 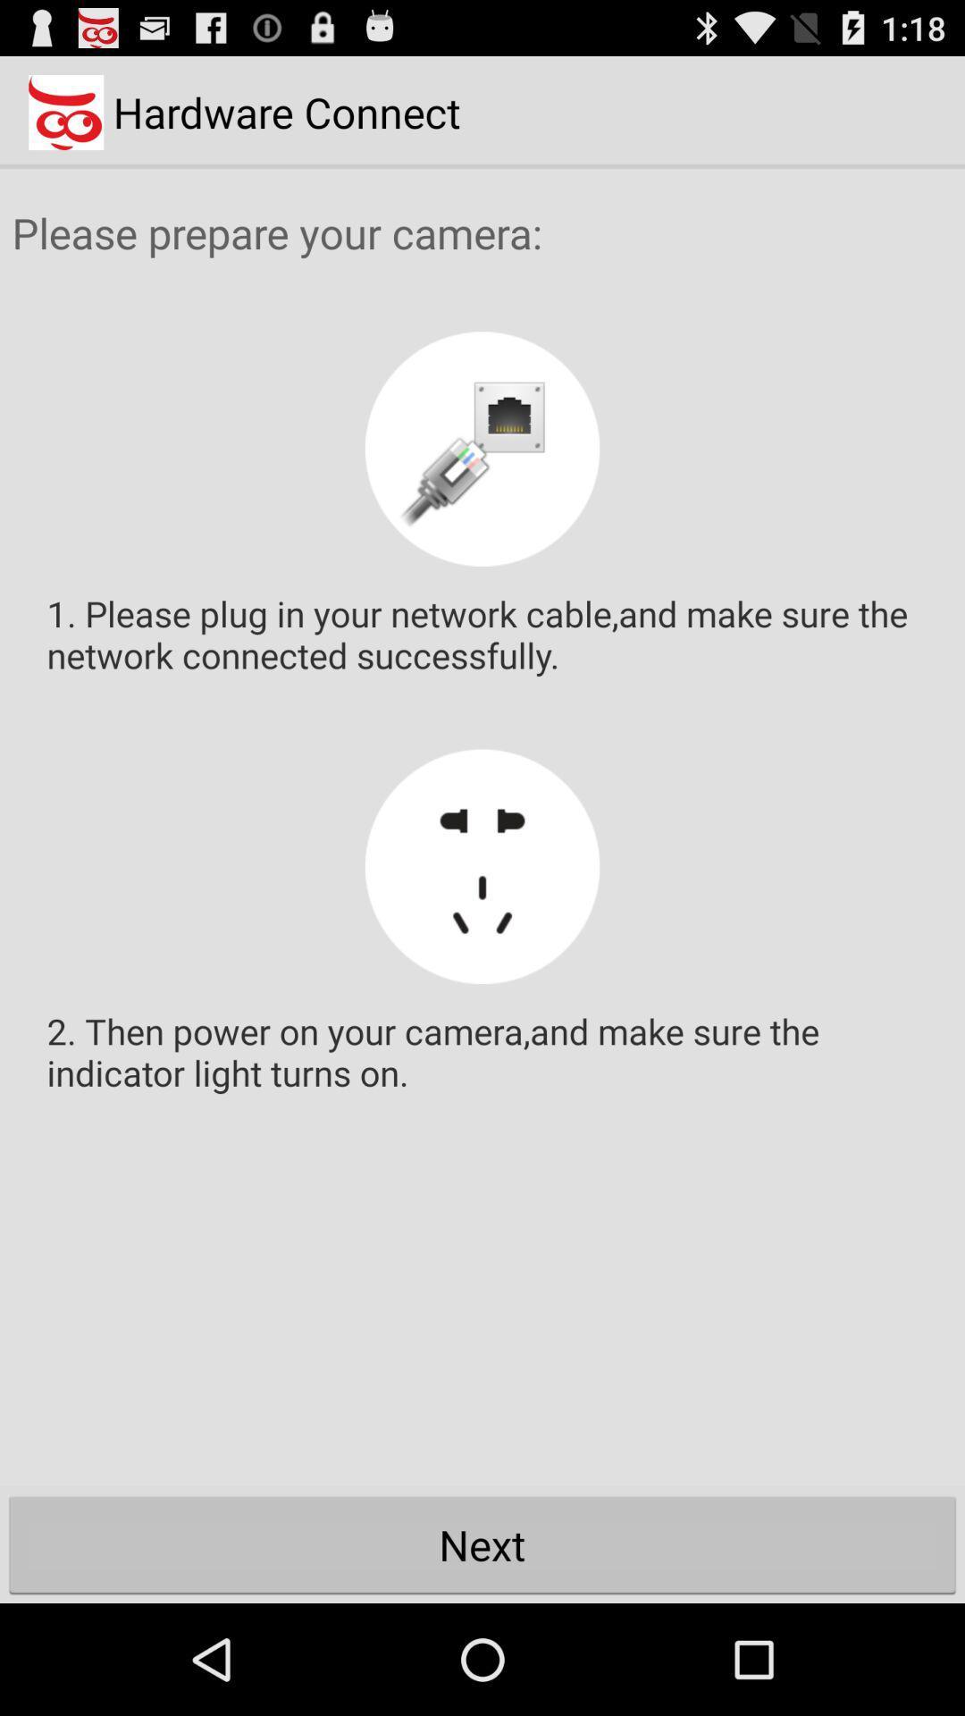 What do you see at coordinates (482, 1544) in the screenshot?
I see `item below the 2 then power item` at bounding box center [482, 1544].